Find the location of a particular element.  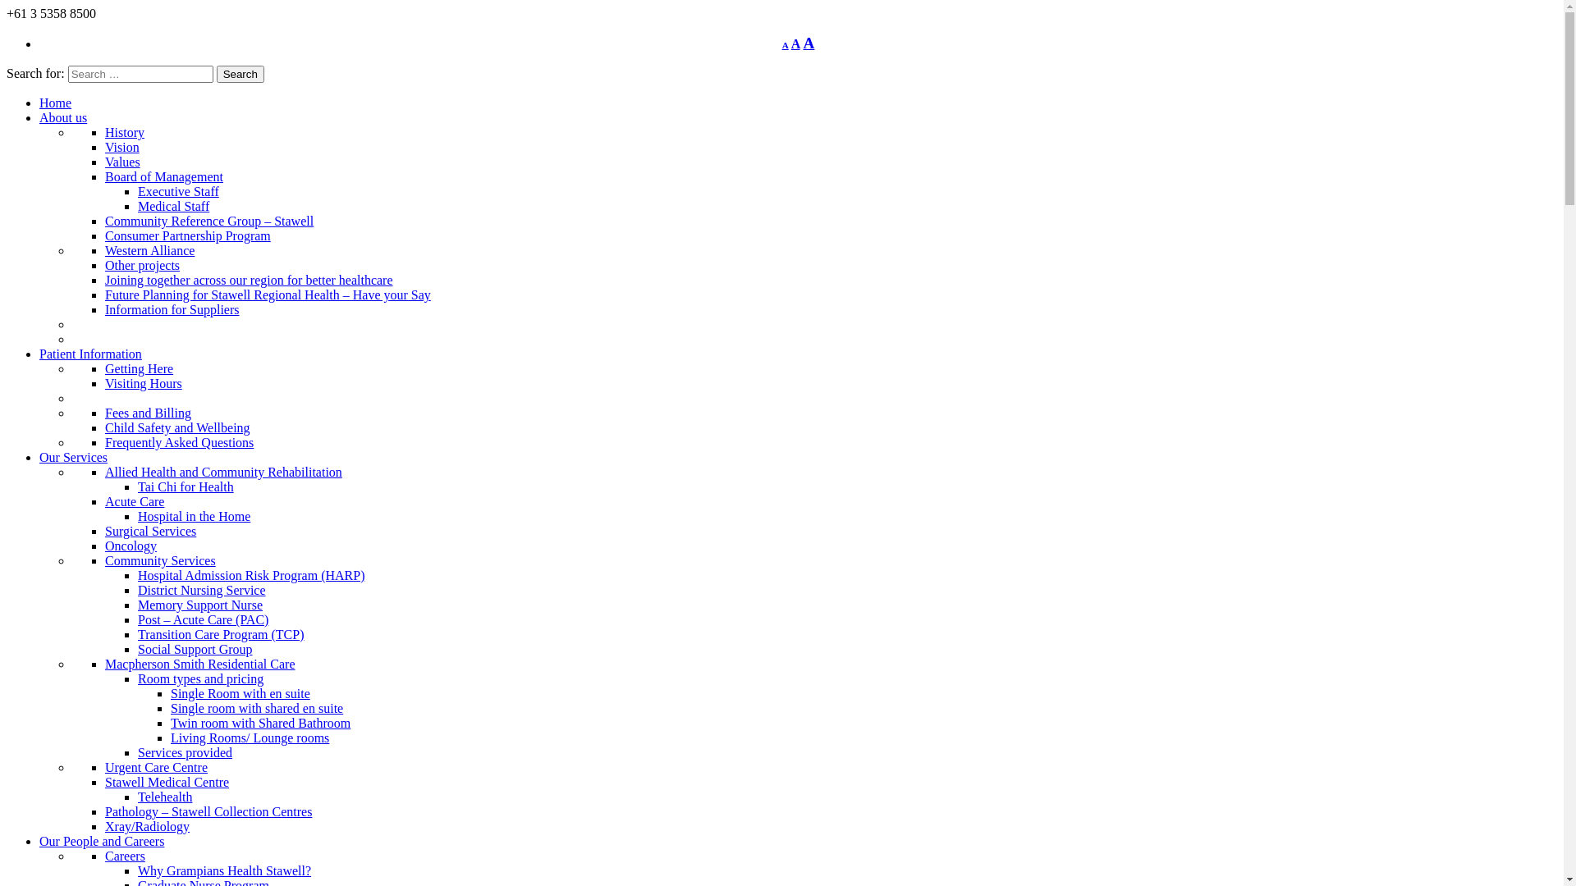

'Telehealth' is located at coordinates (165, 796).